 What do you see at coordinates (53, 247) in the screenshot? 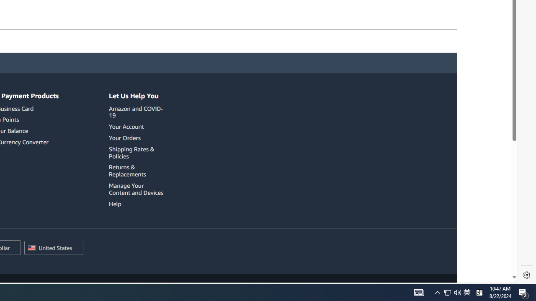
I see `'Choose a country/region for shopping.'` at bounding box center [53, 247].